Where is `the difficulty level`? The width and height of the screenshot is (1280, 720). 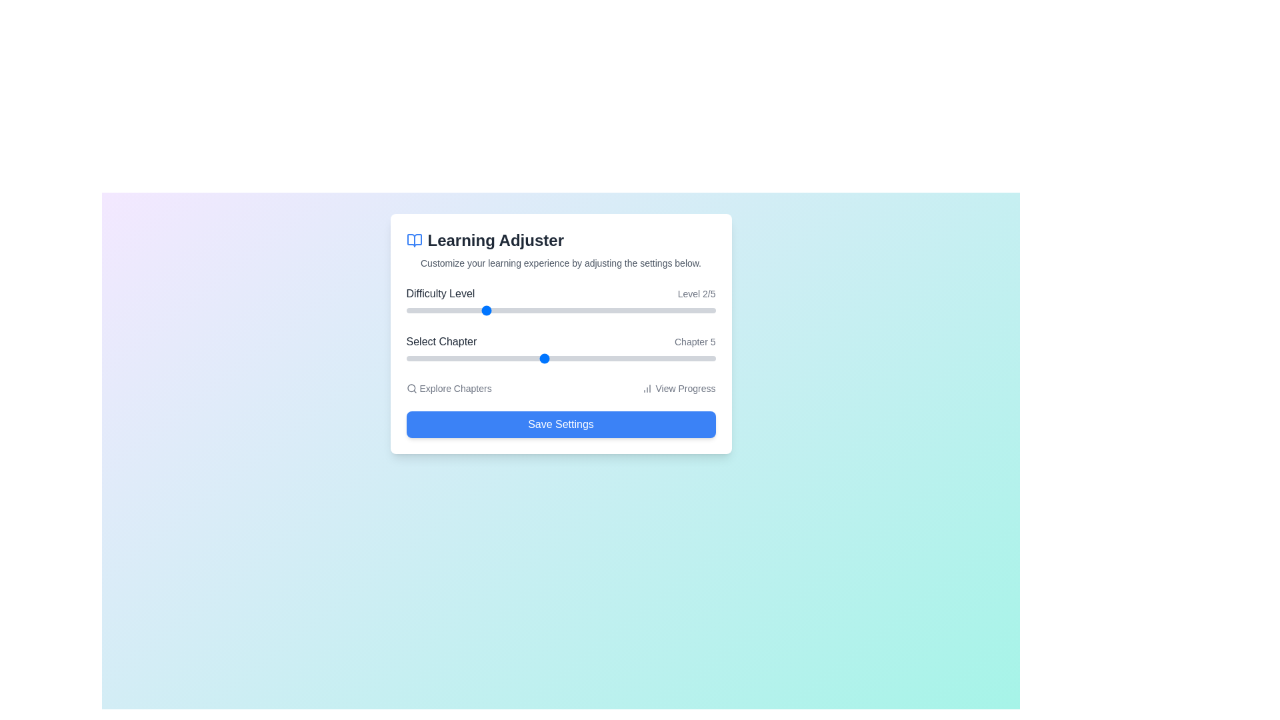 the difficulty level is located at coordinates (405, 311).